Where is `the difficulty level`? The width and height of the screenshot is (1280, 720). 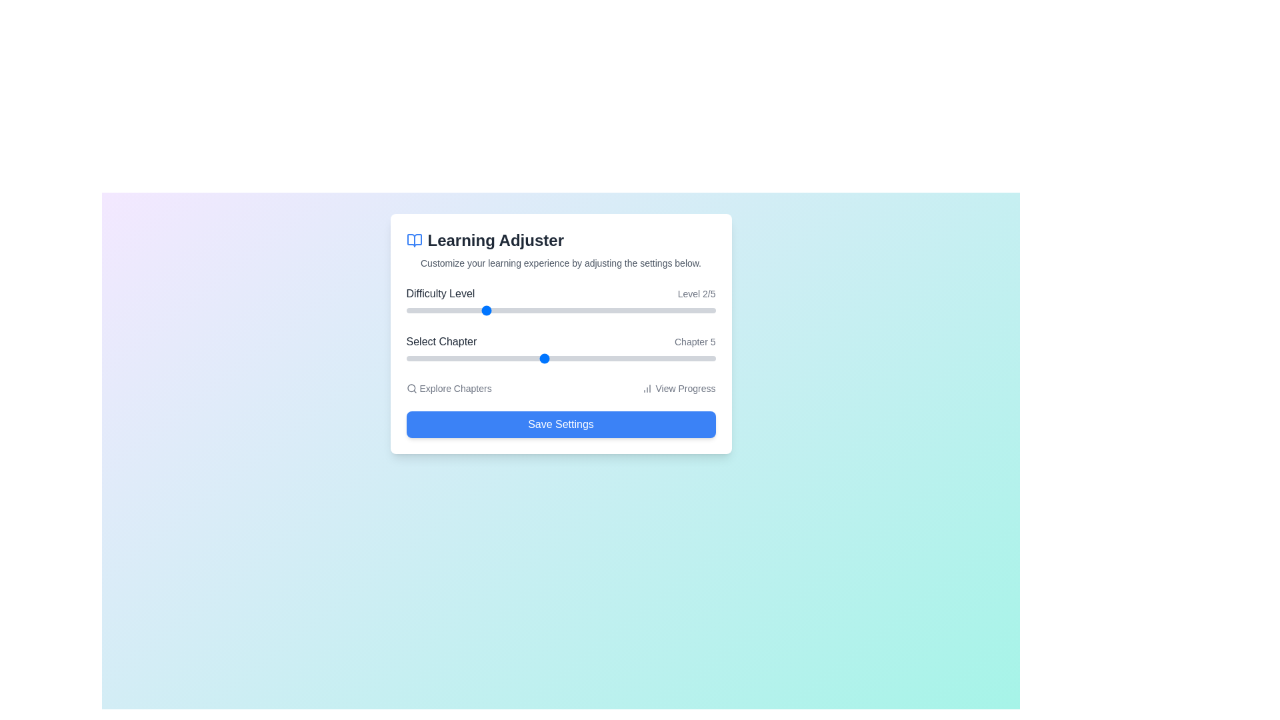 the difficulty level is located at coordinates (405, 311).